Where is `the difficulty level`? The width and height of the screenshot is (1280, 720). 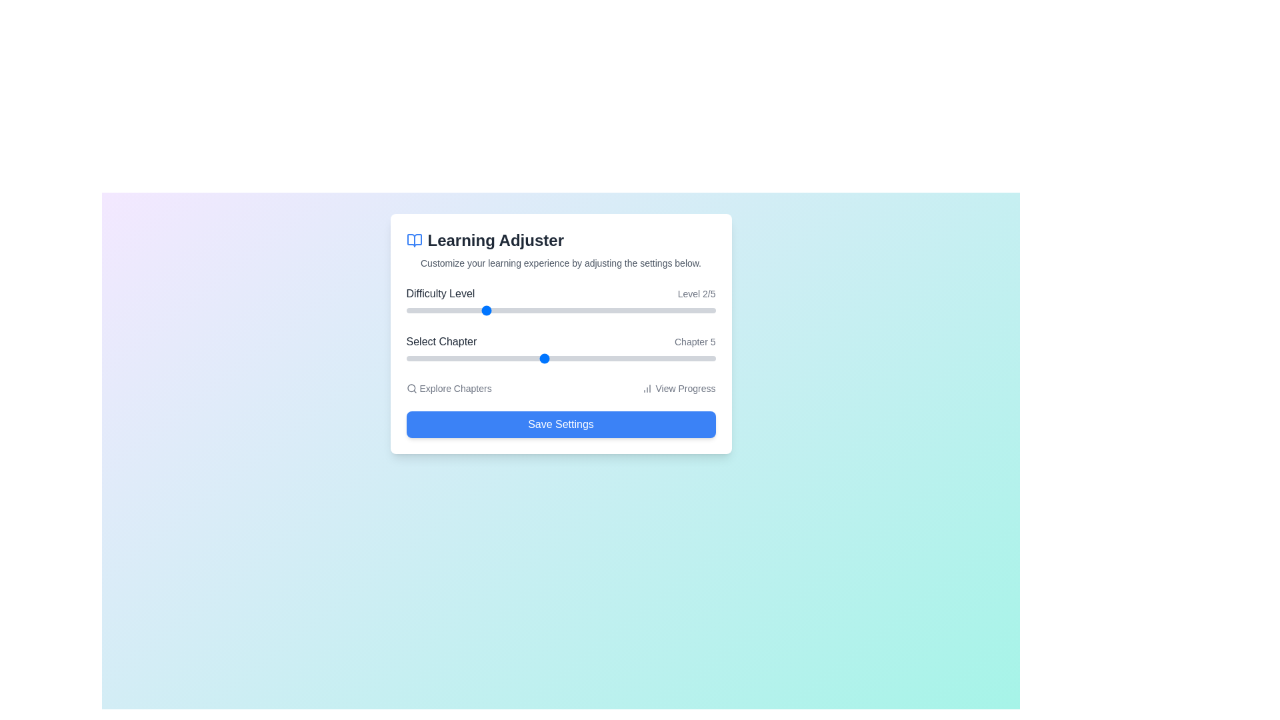 the difficulty level is located at coordinates (405, 311).